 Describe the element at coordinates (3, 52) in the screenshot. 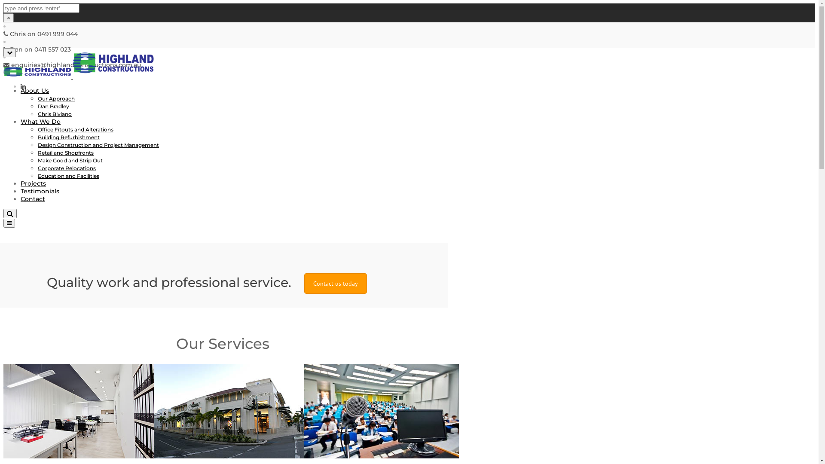

I see `'Close top bar'` at that location.